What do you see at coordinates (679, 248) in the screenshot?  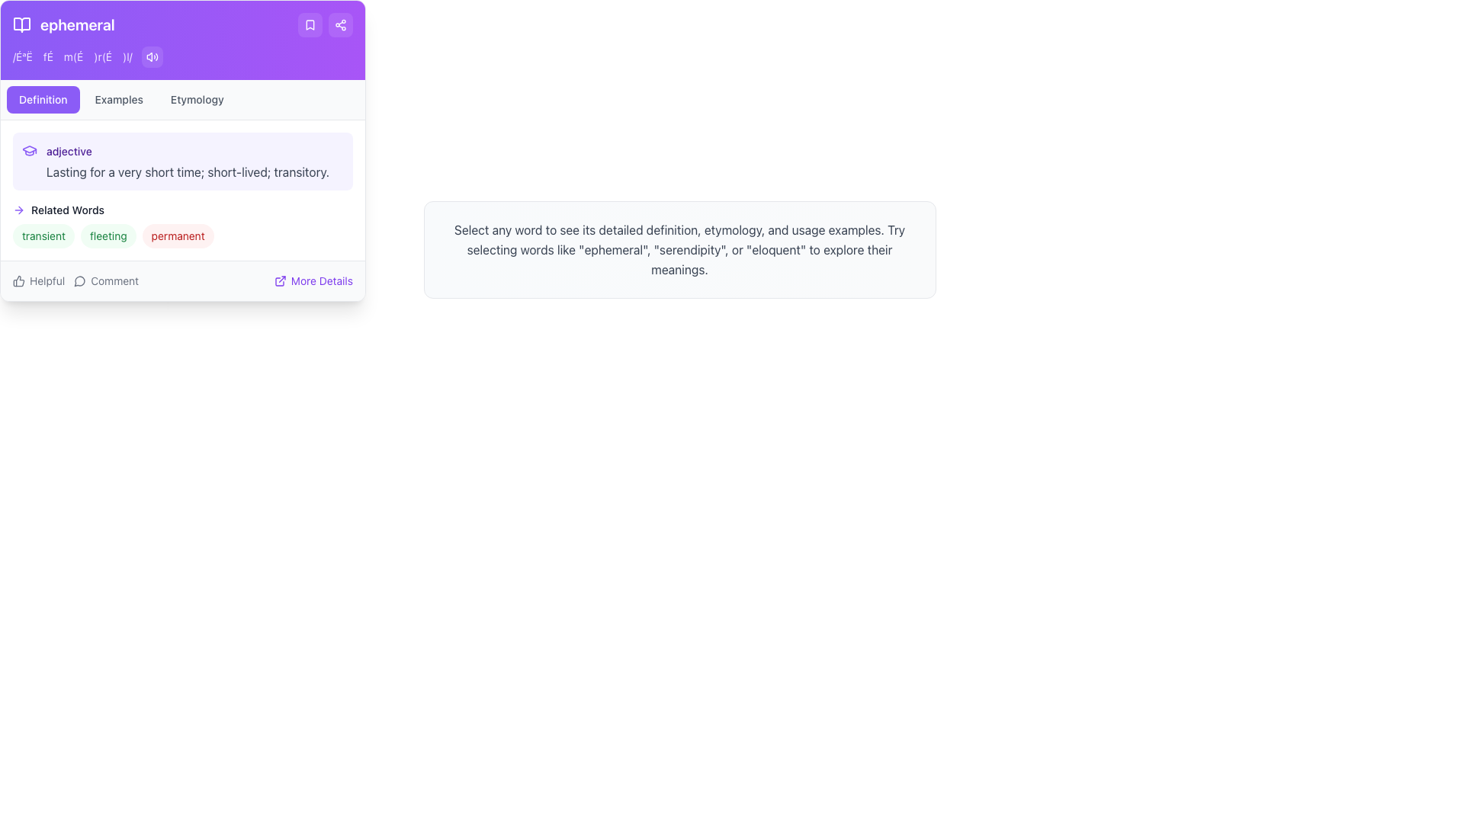 I see `the instructional text block that invites users to select words like 'ephemeral', 'serendipity', and 'eloquent' for exploring their definitions` at bounding box center [679, 248].